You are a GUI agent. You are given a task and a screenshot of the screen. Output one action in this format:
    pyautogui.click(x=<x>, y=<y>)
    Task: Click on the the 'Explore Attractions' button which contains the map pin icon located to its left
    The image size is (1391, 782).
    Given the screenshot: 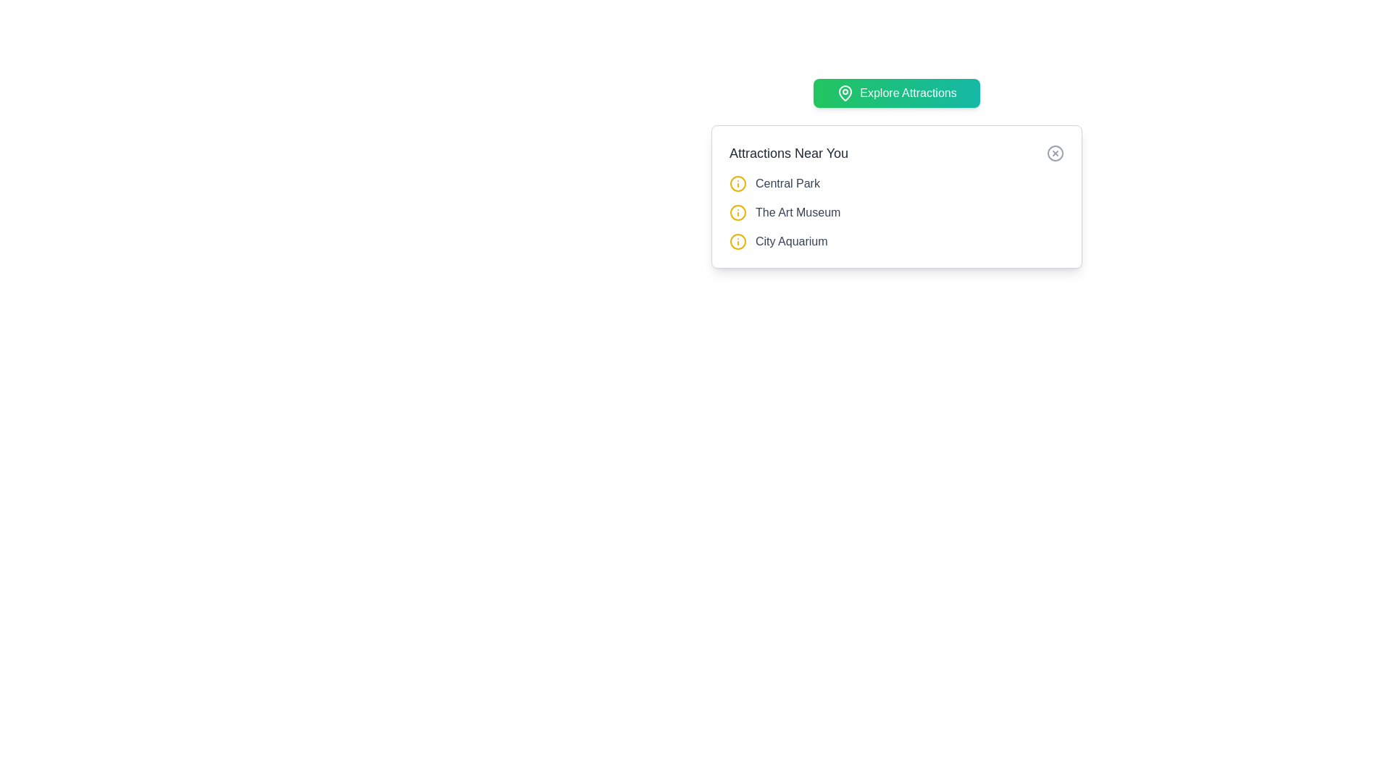 What is the action you would take?
    pyautogui.click(x=845, y=93)
    